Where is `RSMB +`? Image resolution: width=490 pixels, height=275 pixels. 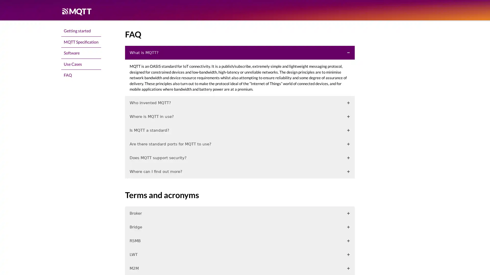 RSMB + is located at coordinates (240, 241).